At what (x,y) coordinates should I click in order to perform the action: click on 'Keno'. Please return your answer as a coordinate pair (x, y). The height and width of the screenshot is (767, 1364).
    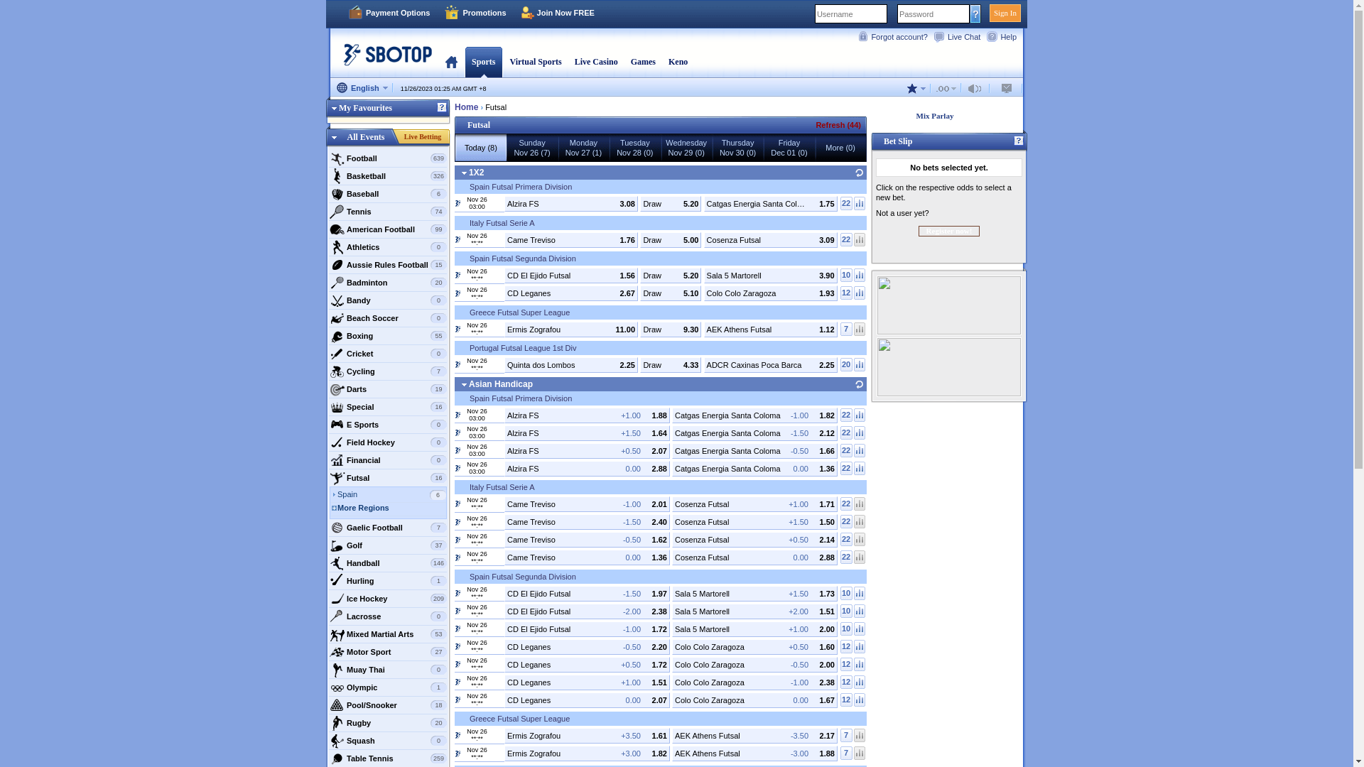
    Looking at the image, I should click on (677, 61).